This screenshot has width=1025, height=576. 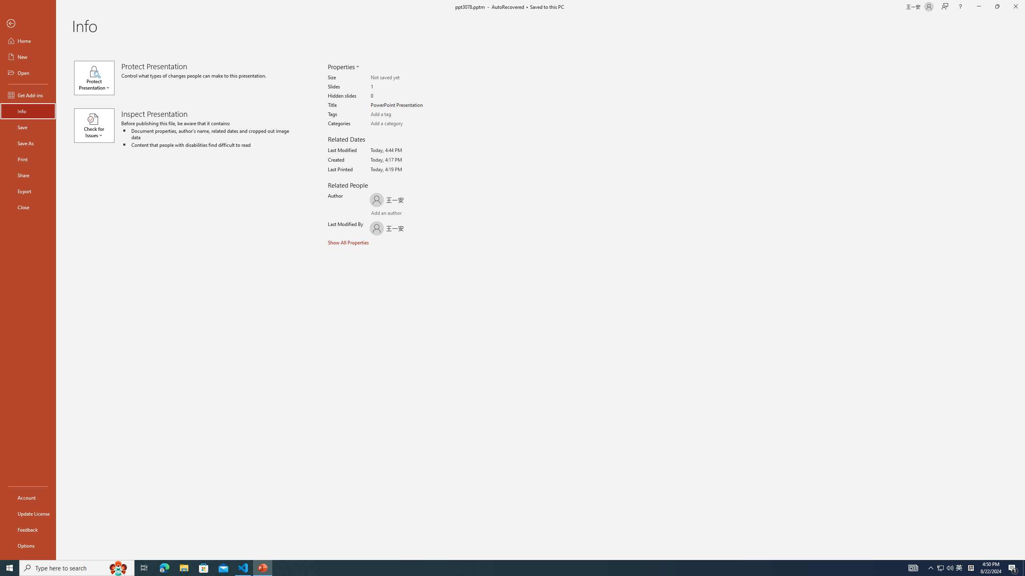 I want to click on 'Print', so click(x=28, y=159).